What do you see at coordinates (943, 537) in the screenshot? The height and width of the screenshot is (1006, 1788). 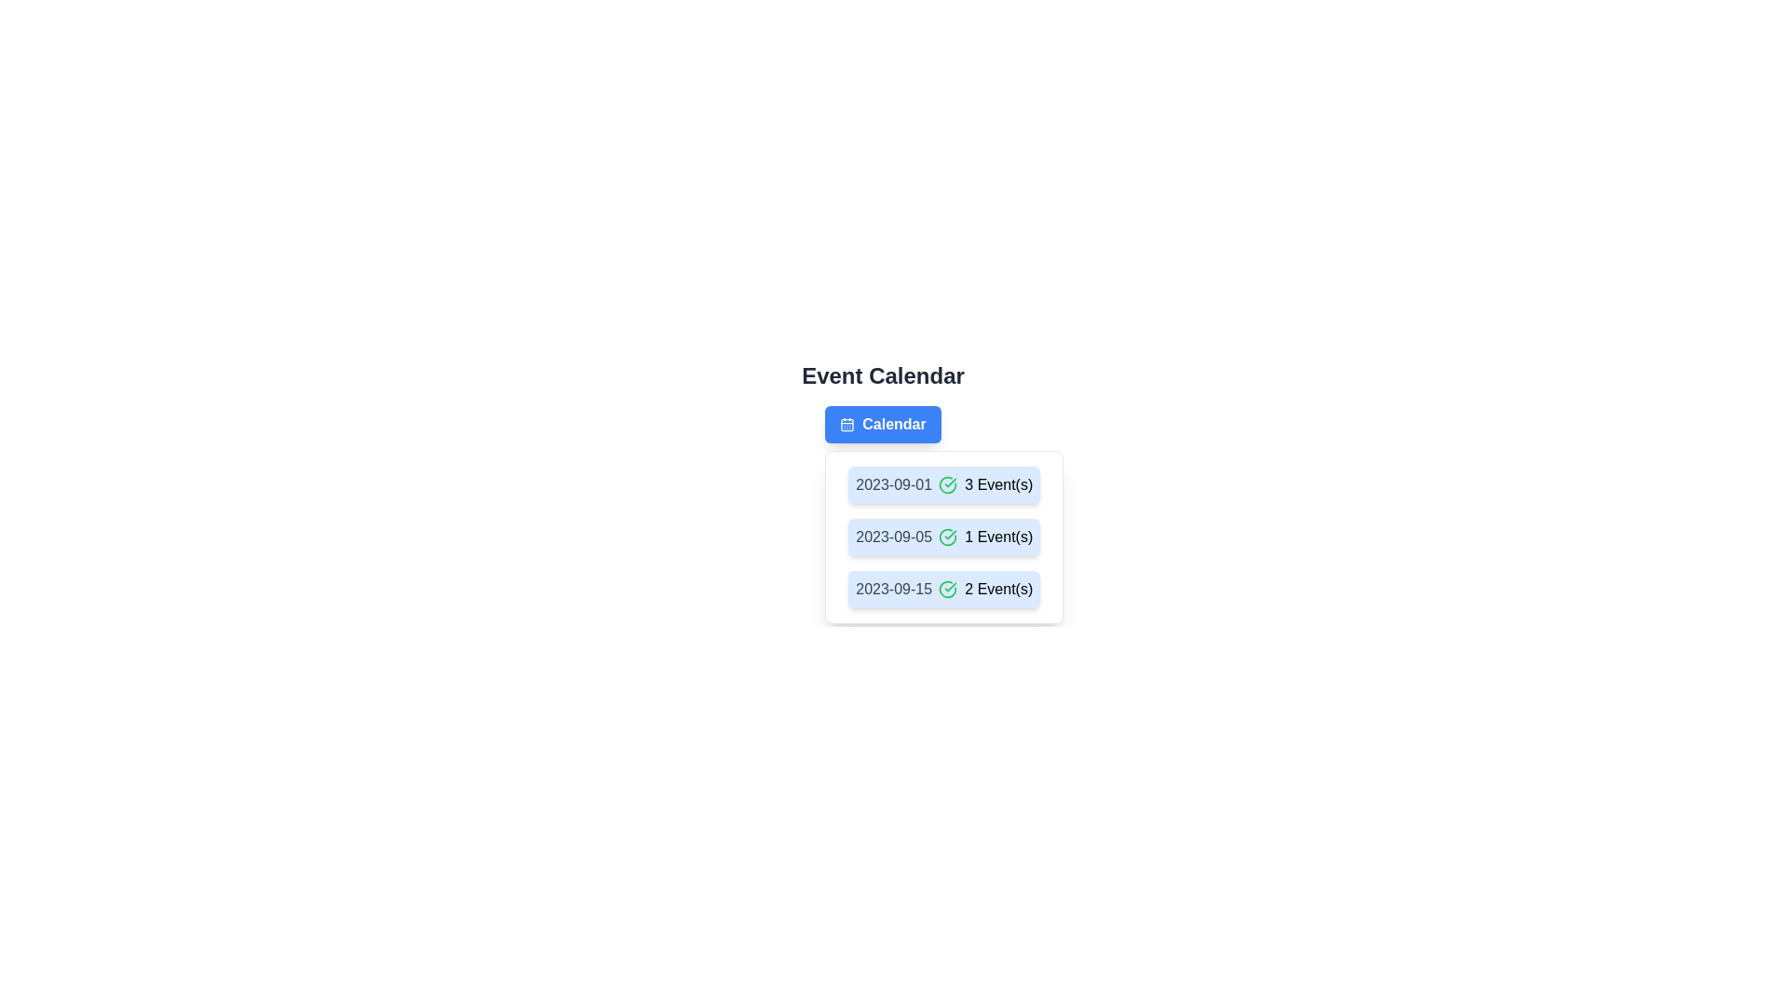 I see `the event summary block displaying '2023-09-05 1 Event(s)'` at bounding box center [943, 537].